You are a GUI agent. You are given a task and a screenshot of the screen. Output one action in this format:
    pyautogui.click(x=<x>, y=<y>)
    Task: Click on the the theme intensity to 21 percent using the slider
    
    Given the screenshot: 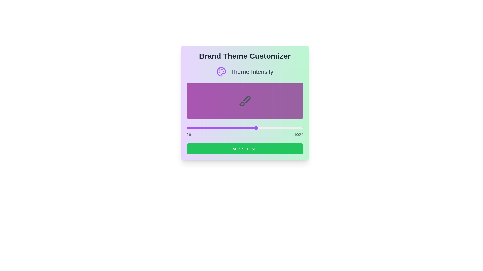 What is the action you would take?
    pyautogui.click(x=211, y=128)
    